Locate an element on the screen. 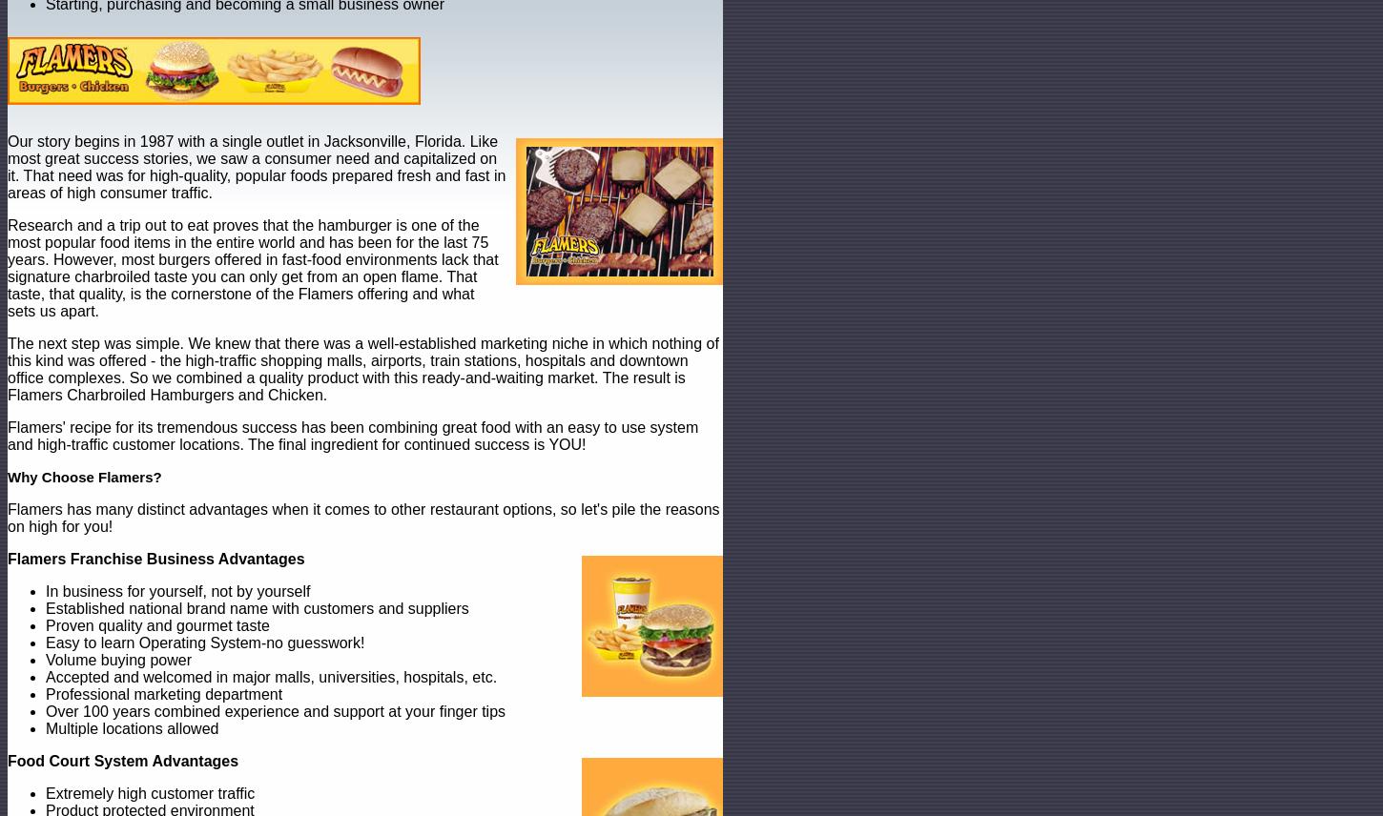 The width and height of the screenshot is (1383, 816). 'Proven quality and gourmet taste' is located at coordinates (156, 625).